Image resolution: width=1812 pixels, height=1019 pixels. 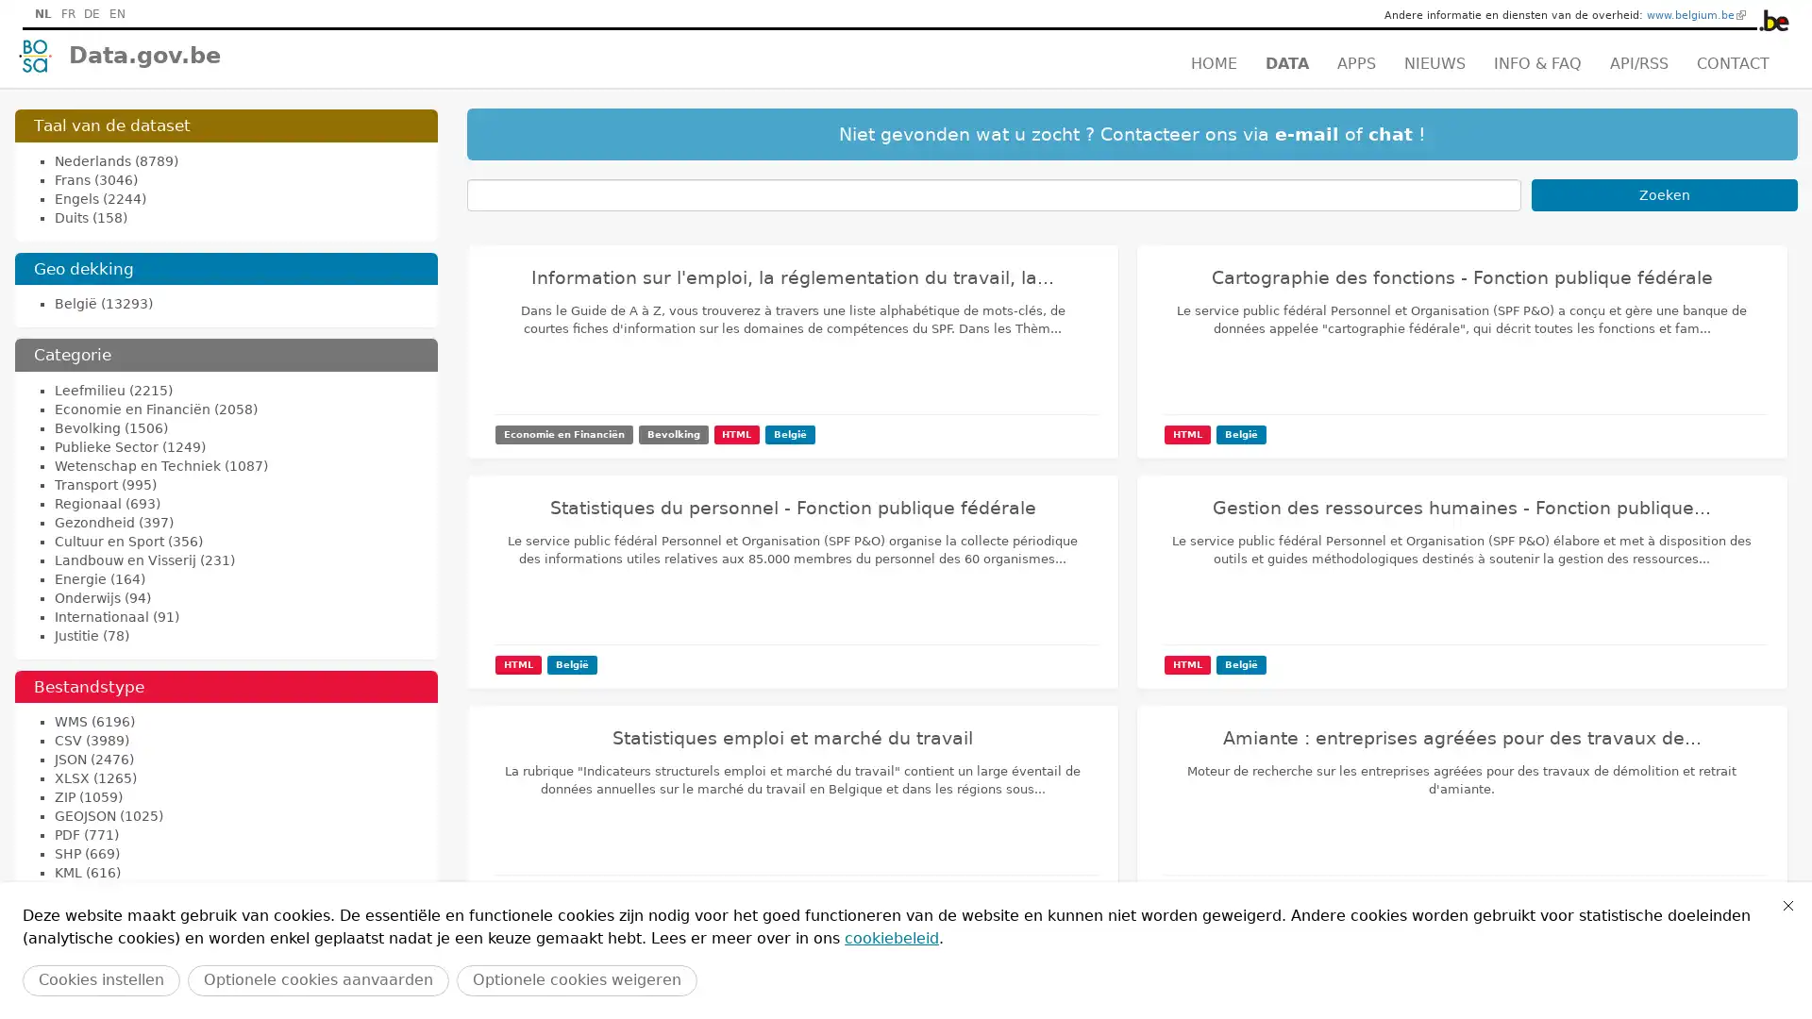 What do you see at coordinates (576, 979) in the screenshot?
I see `Optionele cookies weigeren` at bounding box center [576, 979].